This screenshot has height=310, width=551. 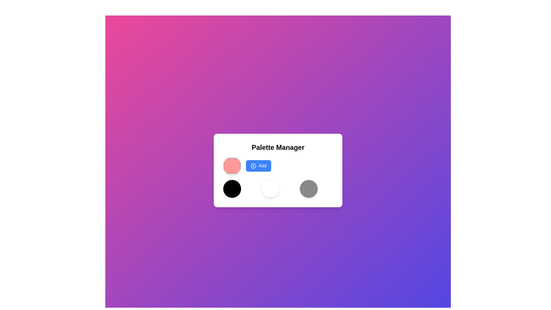 I want to click on the 'Add' button which contains a minimalist circular icon with a plus symbol, located below the 'Palette Manager' heading, so click(x=253, y=166).